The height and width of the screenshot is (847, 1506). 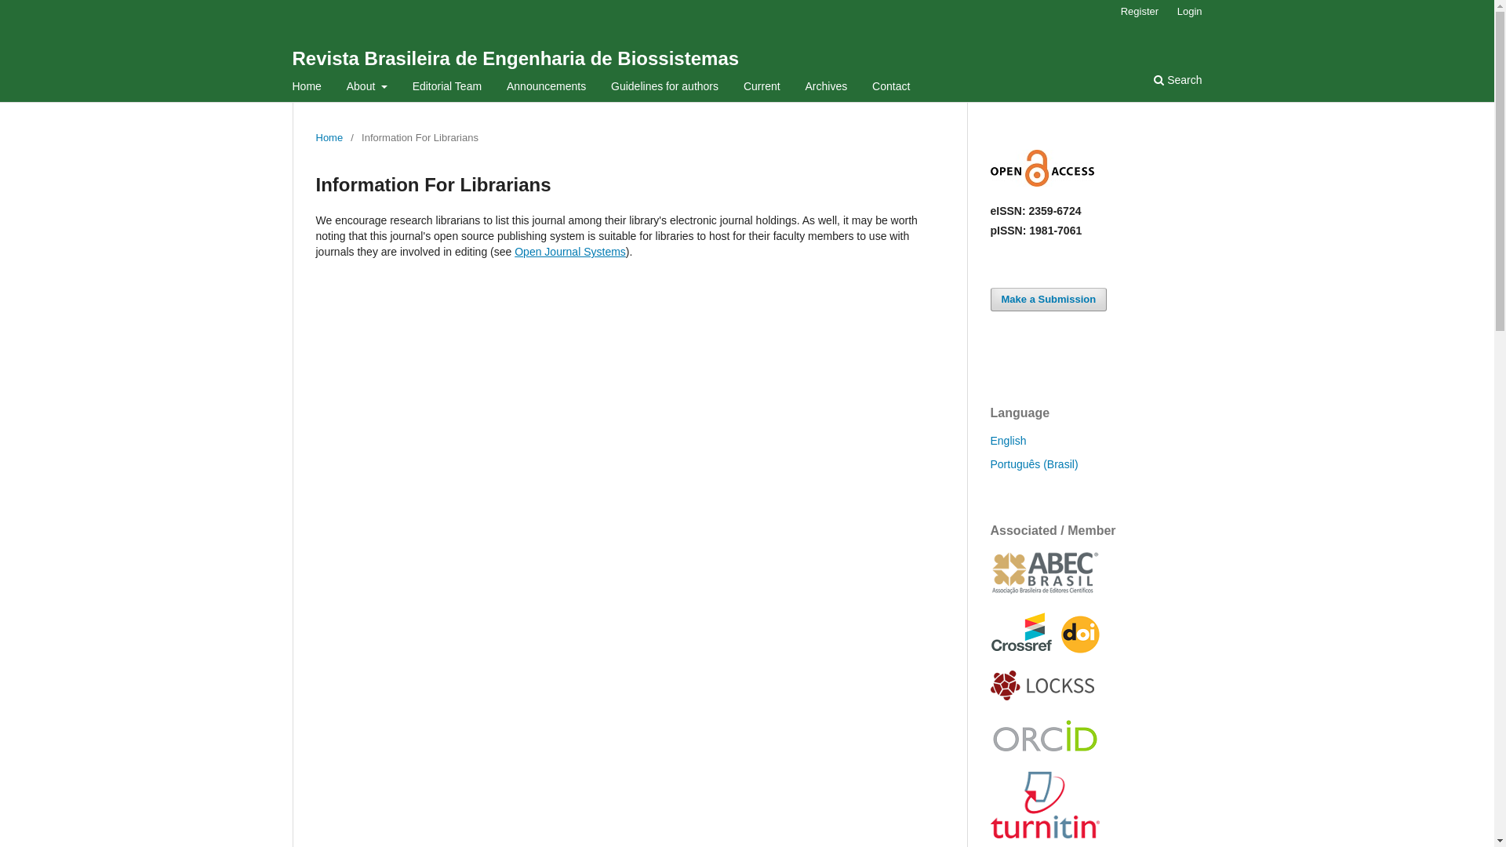 I want to click on 'Home', so click(x=328, y=137).